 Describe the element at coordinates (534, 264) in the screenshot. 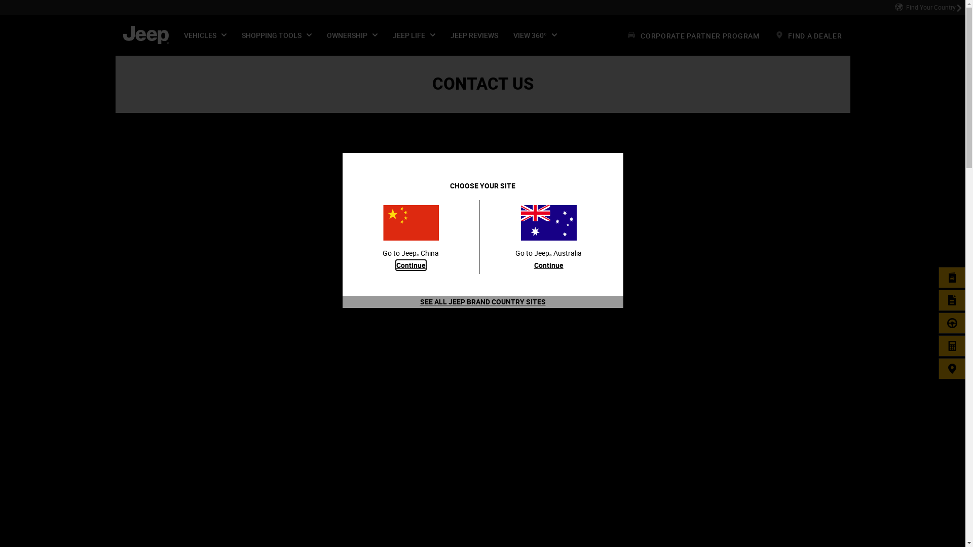

I see `'Continue'` at that location.